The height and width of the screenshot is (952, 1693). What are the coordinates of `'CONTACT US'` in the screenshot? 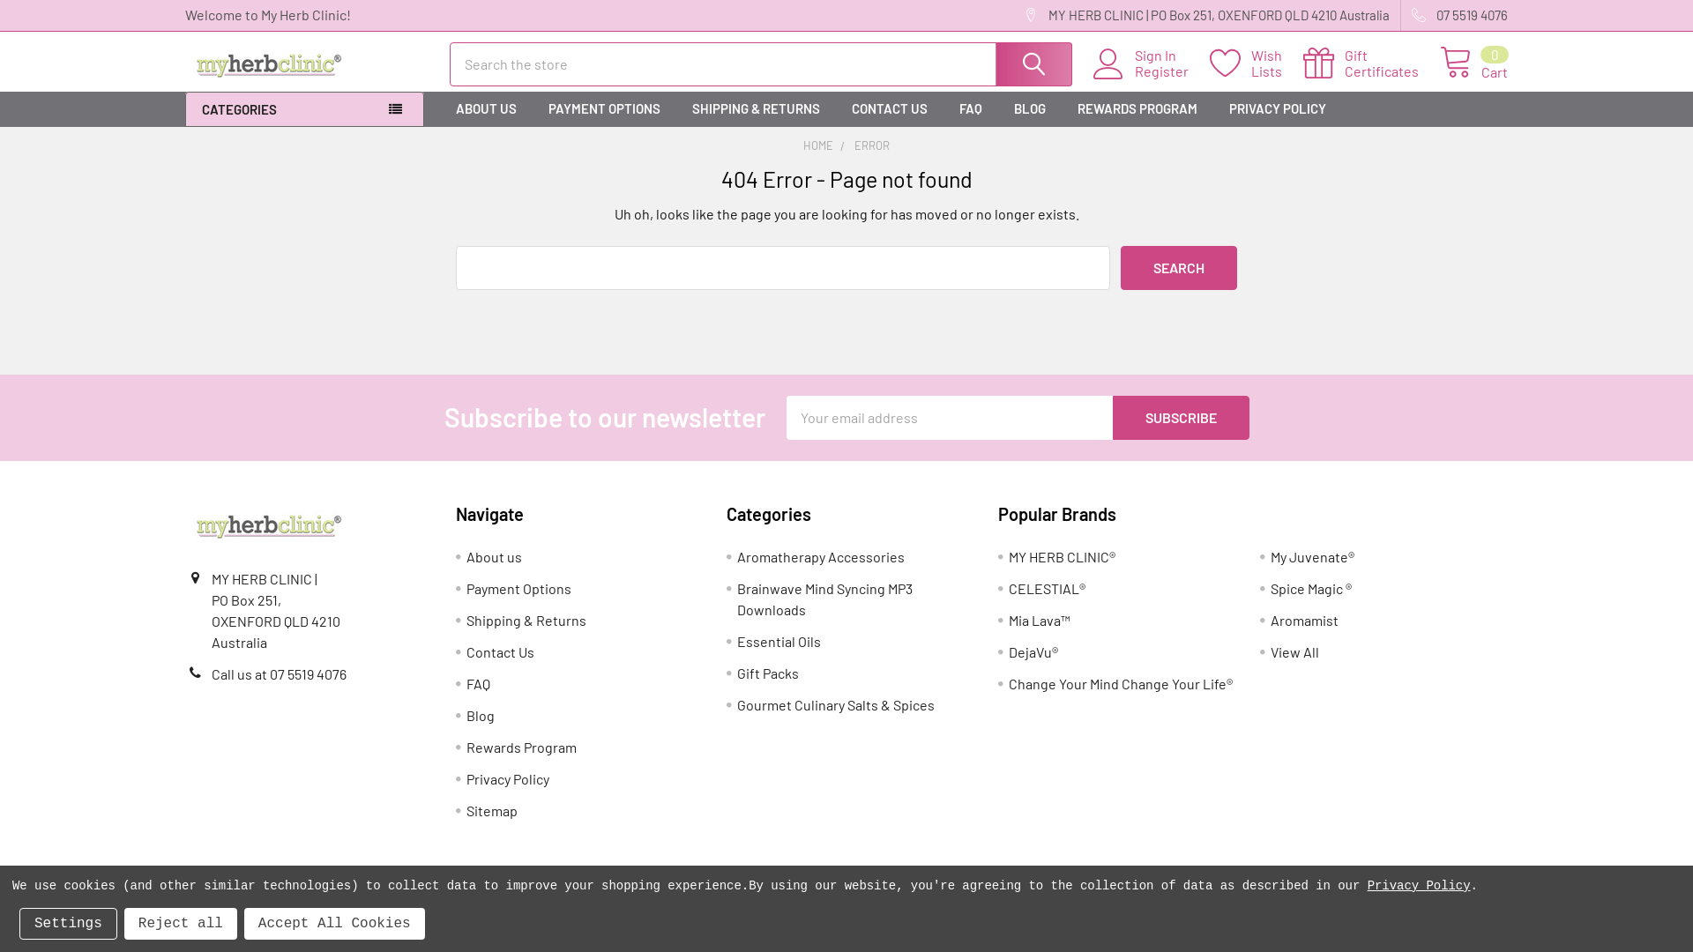 It's located at (889, 108).